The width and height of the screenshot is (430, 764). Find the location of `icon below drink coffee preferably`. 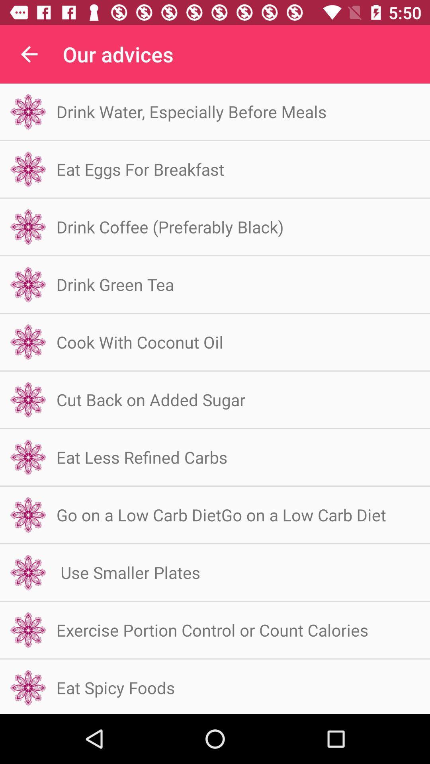

icon below drink coffee preferably is located at coordinates (115, 284).